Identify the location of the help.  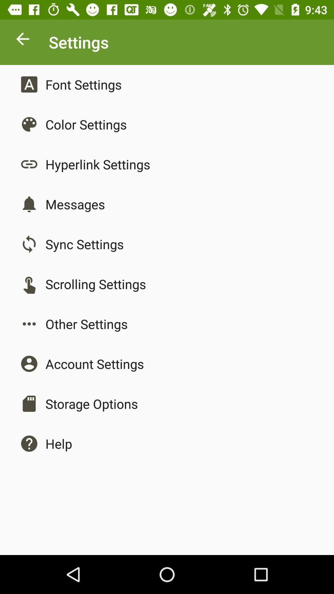
(59, 443).